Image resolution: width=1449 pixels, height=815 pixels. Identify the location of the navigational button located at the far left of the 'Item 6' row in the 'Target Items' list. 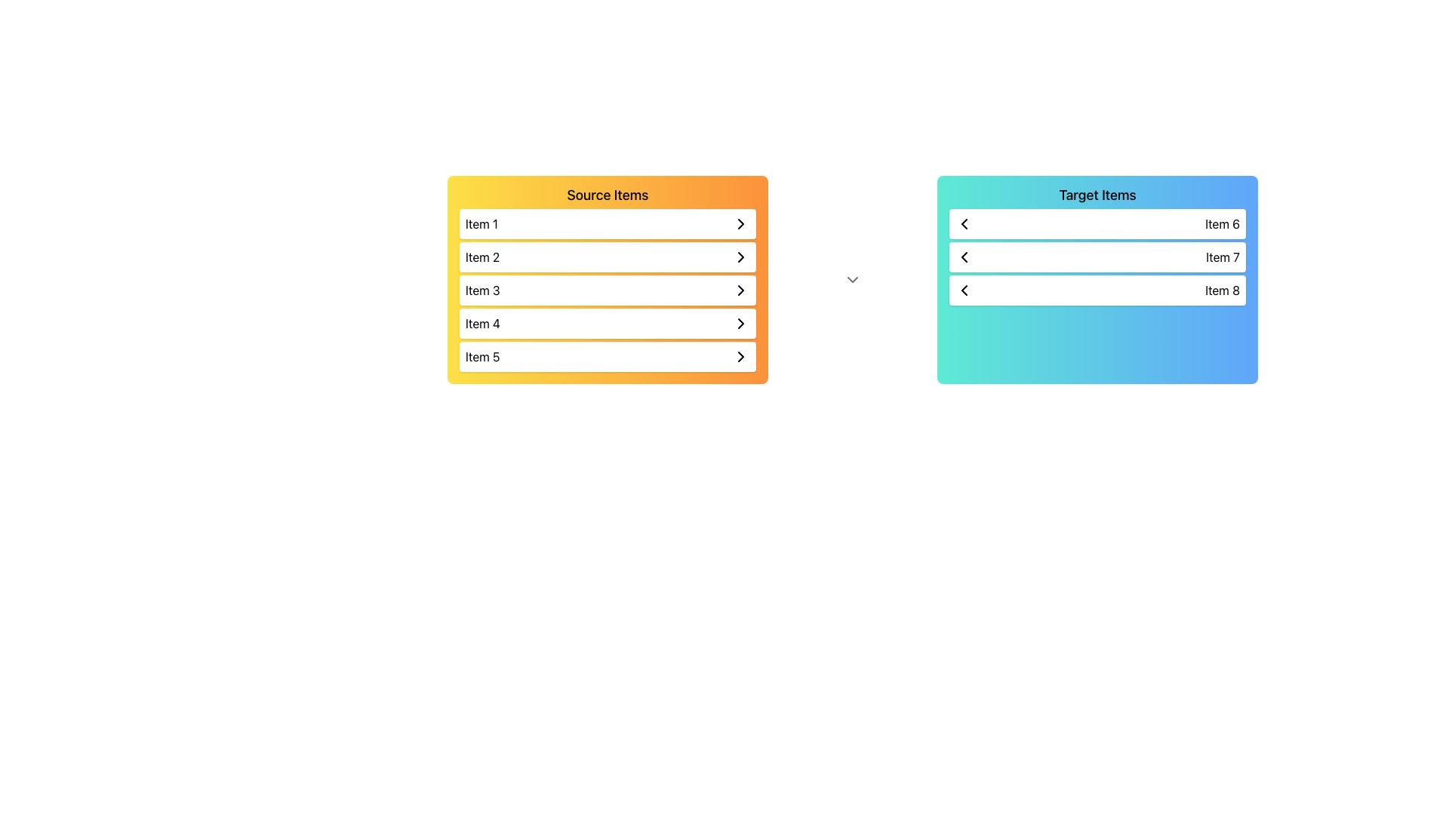
(963, 224).